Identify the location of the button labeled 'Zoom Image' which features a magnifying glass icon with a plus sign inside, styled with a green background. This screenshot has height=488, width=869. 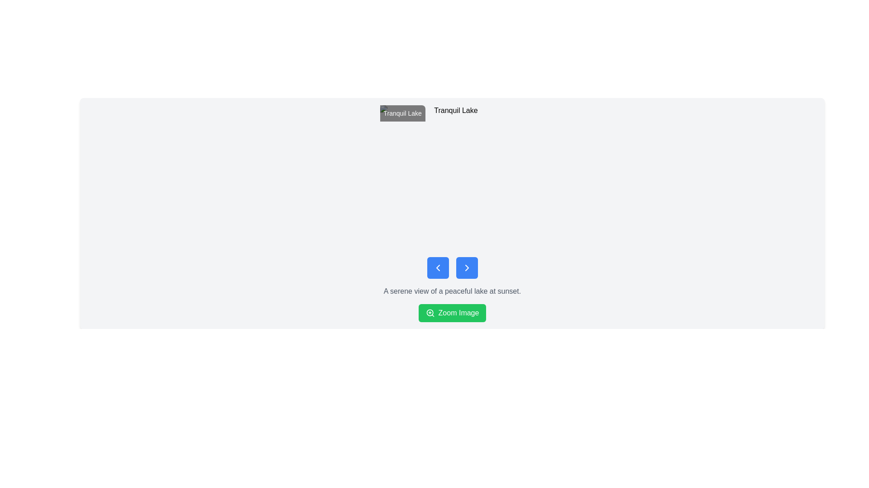
(430, 313).